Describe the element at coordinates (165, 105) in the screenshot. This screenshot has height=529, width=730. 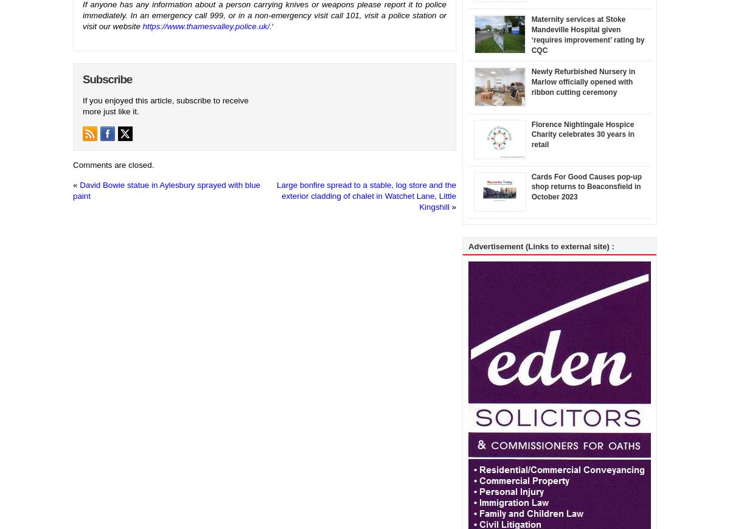
I see `'If you enjoyed this article, subscribe to receive more just like it.'` at that location.